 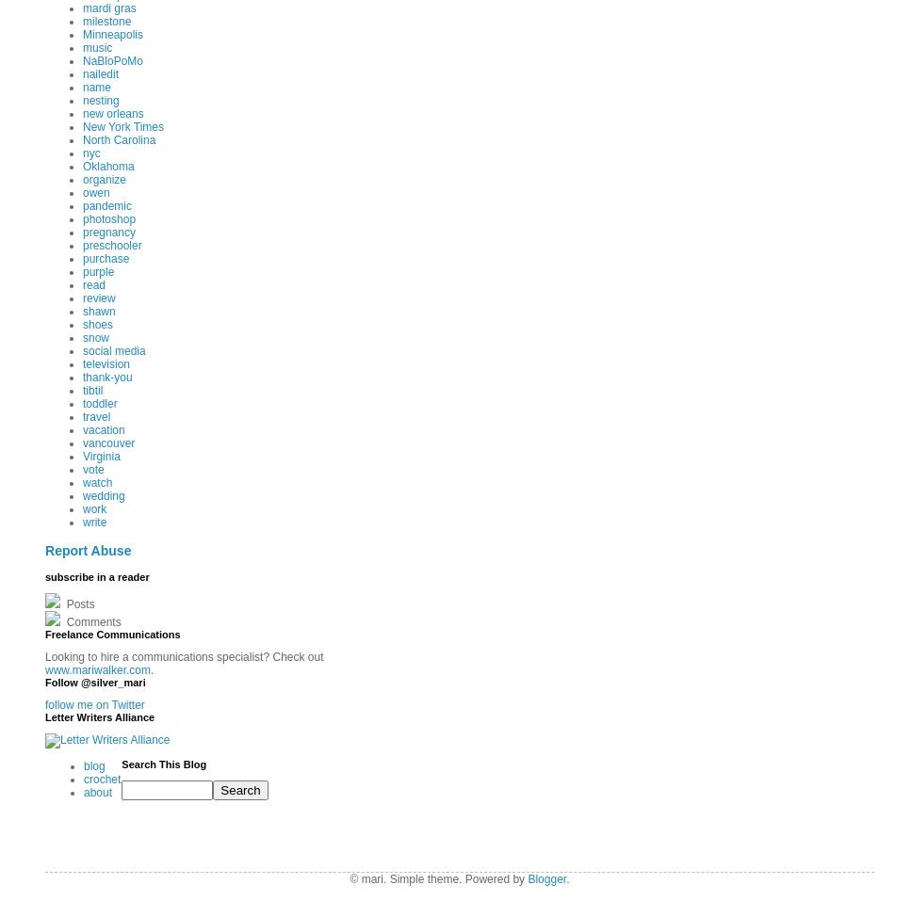 What do you see at coordinates (106, 258) in the screenshot?
I see `'purchase'` at bounding box center [106, 258].